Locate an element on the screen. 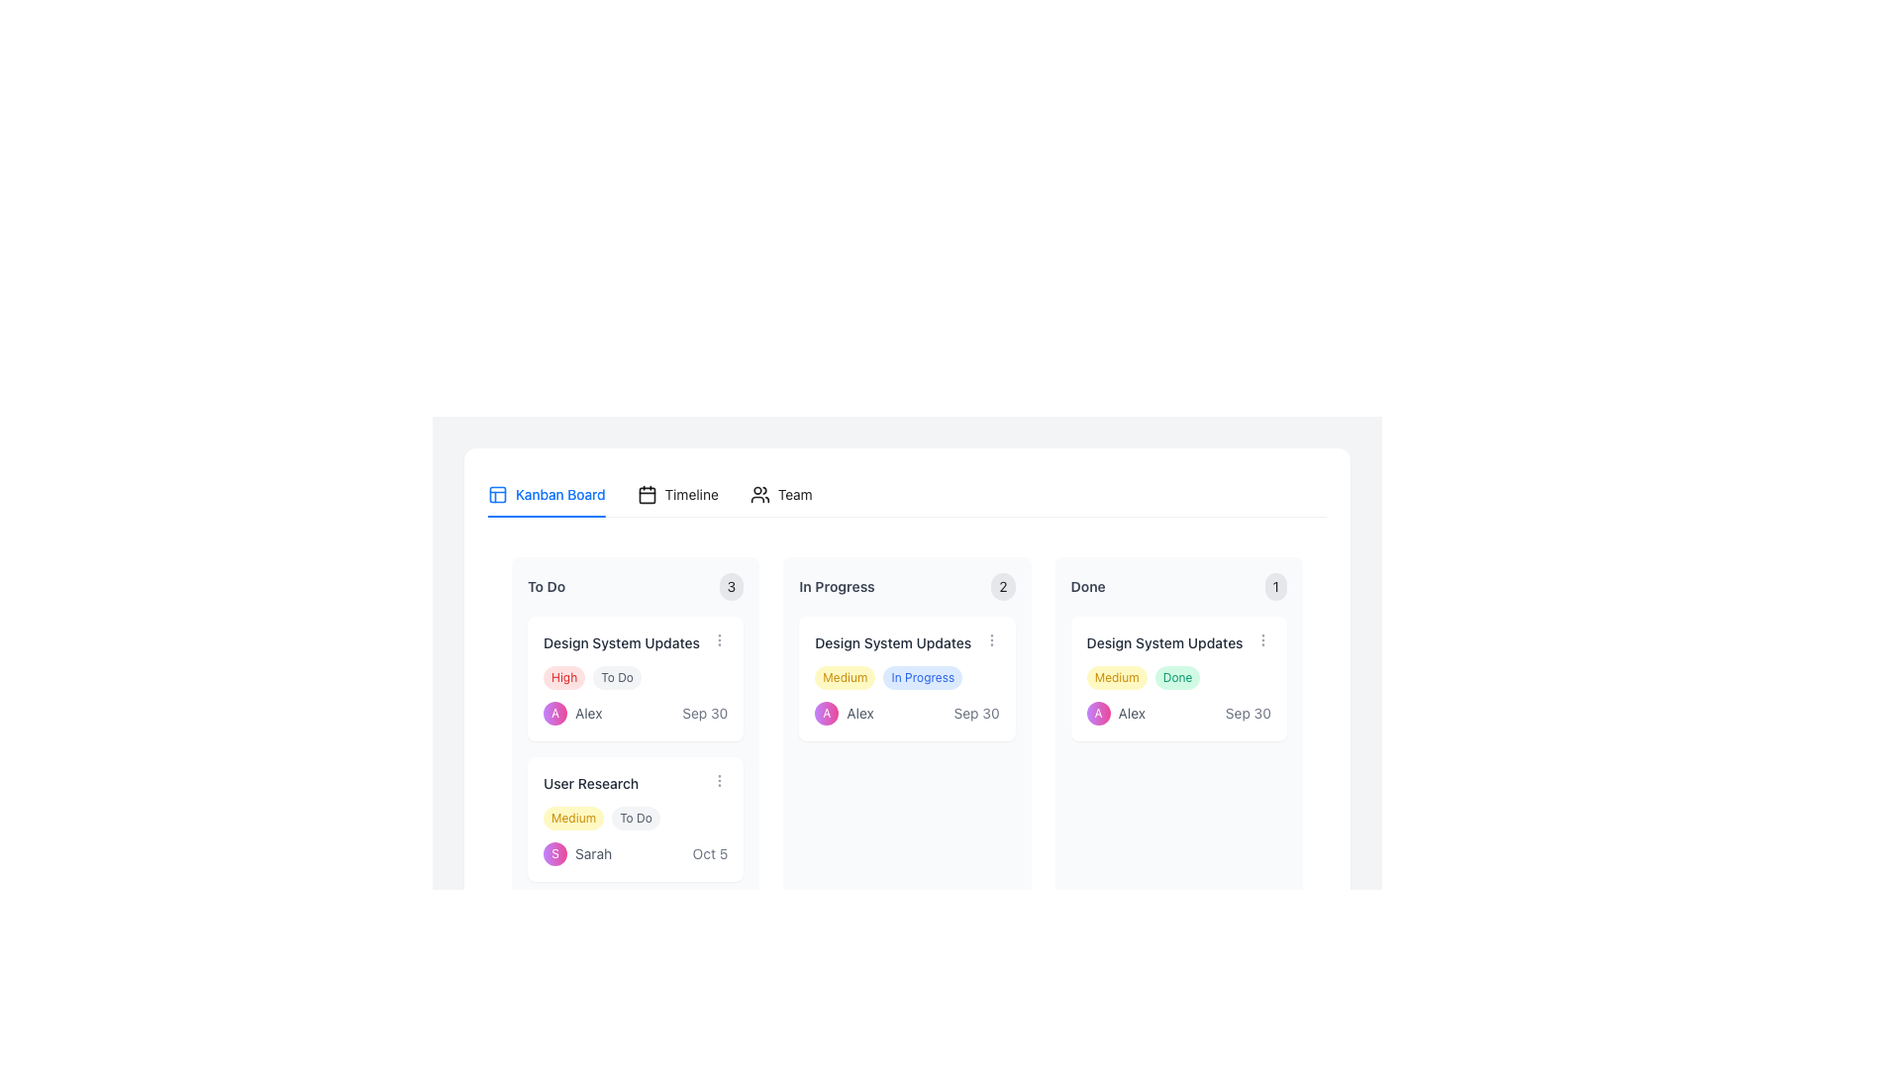  the 'Kanban Board' tab, which is the currently selected tab indicated by bold blue text and an underline is located at coordinates (547, 494).